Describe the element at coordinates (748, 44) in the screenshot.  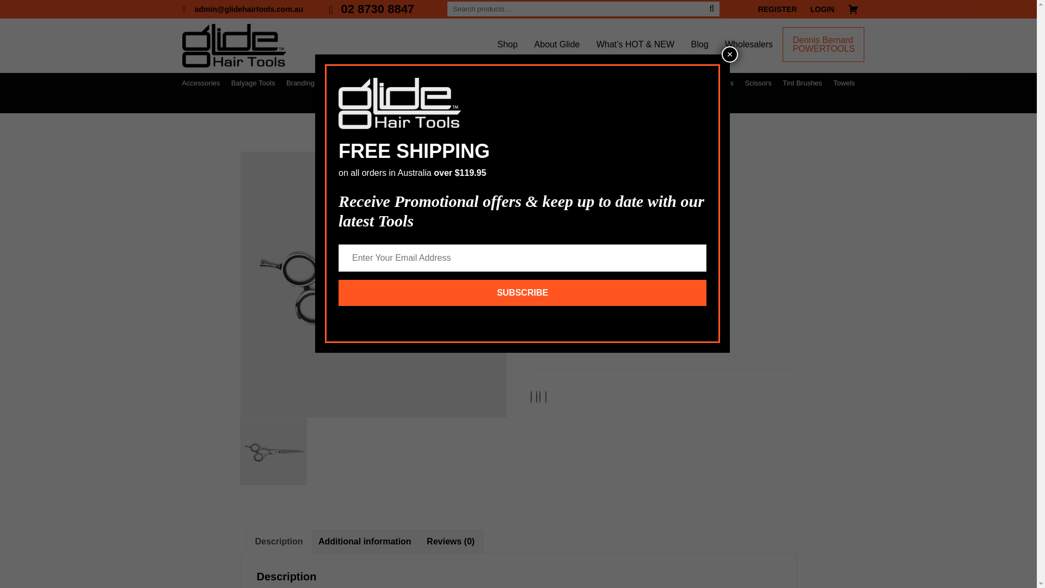
I see `'Wholesalers'` at that location.